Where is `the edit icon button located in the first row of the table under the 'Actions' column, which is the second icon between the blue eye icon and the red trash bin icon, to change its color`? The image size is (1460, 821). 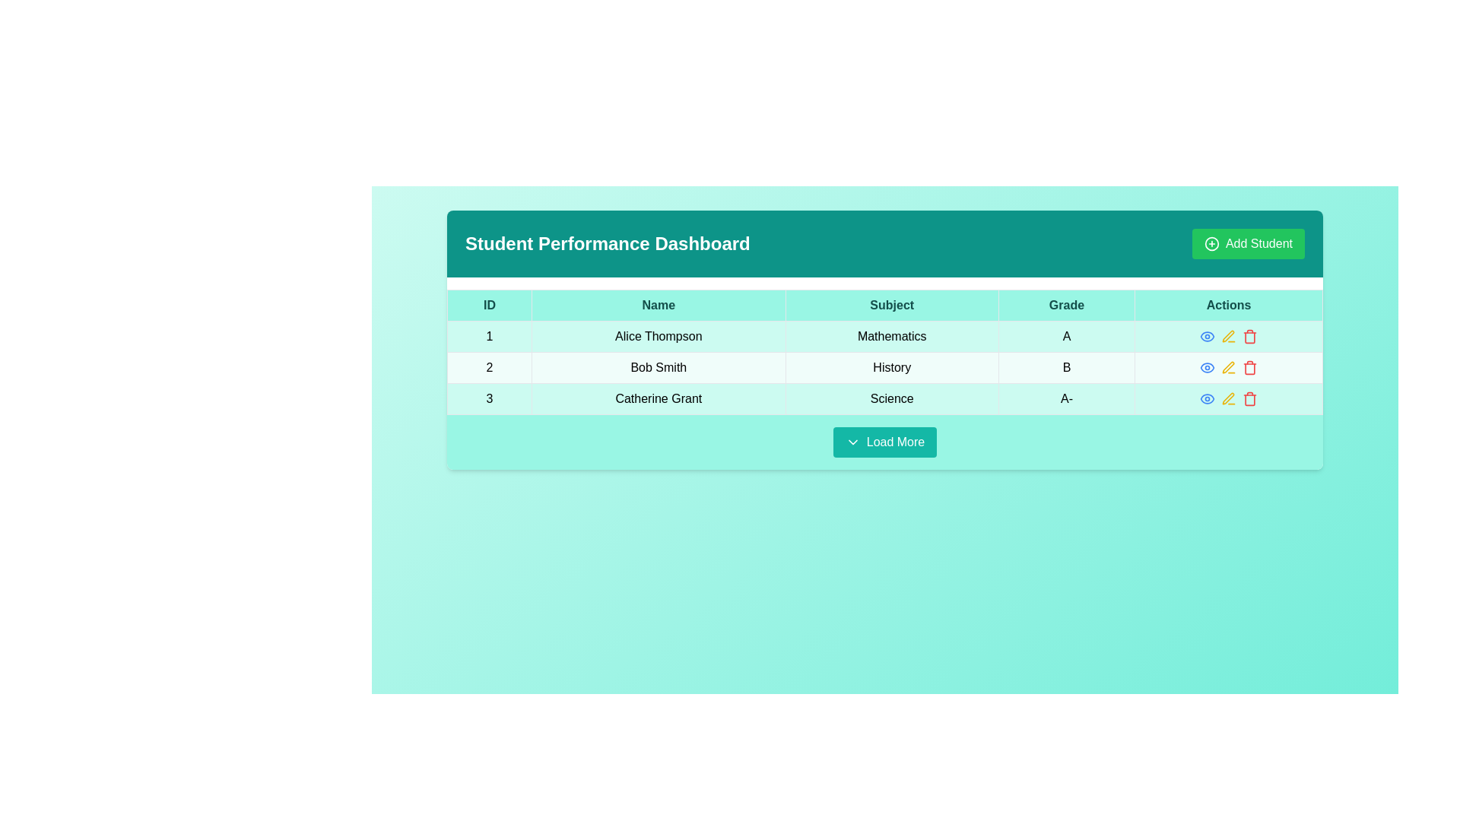
the edit icon button located in the first row of the table under the 'Actions' column, which is the second icon between the blue eye icon and the red trash bin icon, to change its color is located at coordinates (1229, 336).